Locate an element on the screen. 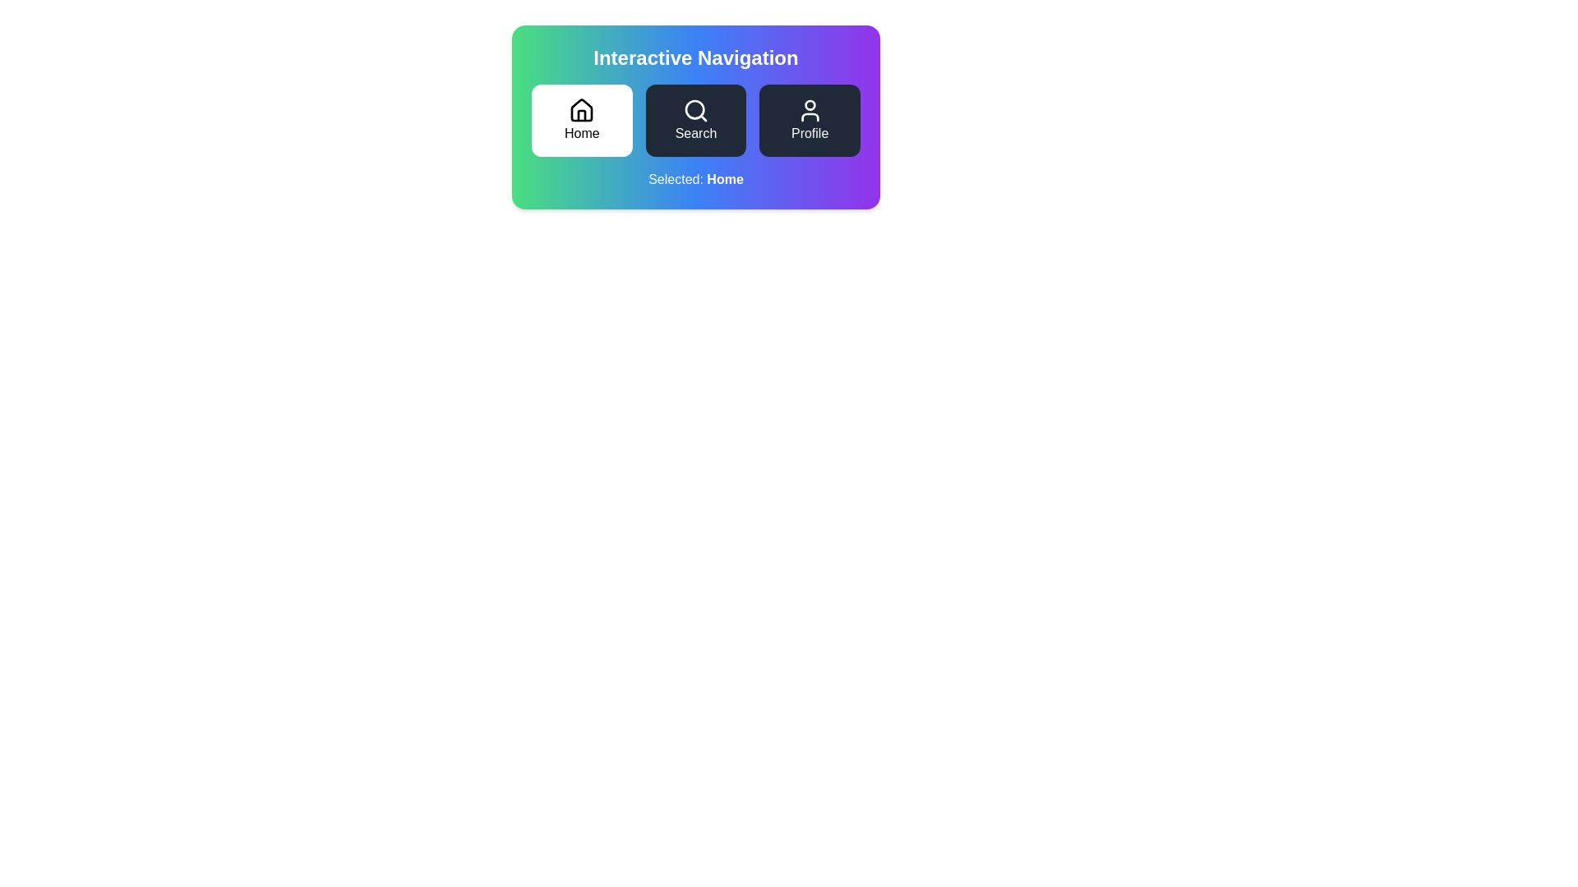 The image size is (1578, 887). the 'Search' text label within the navigation button, which is styled in white against a dark background, to initiate the search functionality is located at coordinates (695, 132).